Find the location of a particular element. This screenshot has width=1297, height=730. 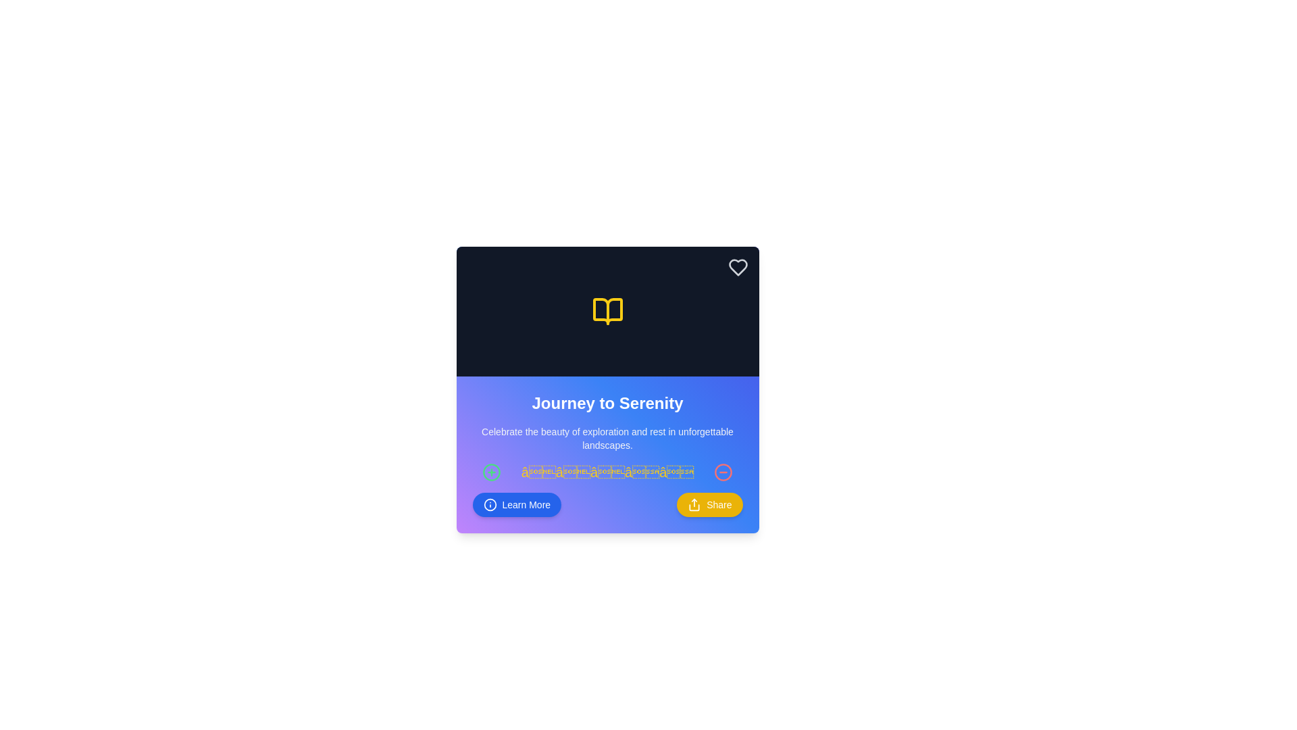

the design of the sharing icon located to the left of the 'Share' text label within the Share button at the bottom-right of the interface is located at coordinates (694, 505).